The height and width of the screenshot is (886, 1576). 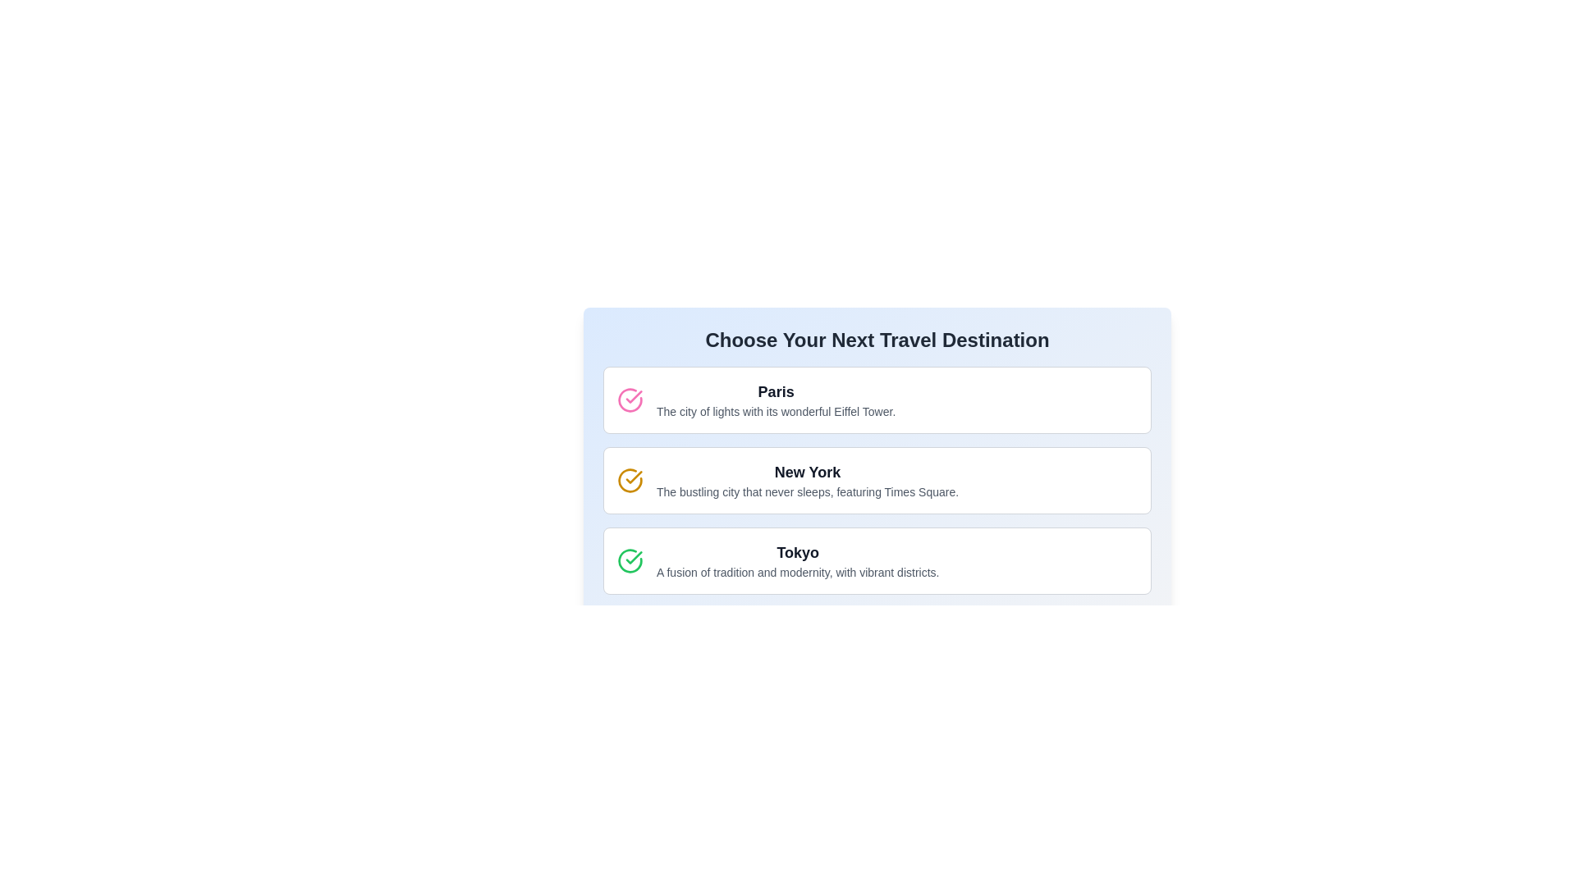 I want to click on the selectable card for New York, which is the second option in a vertical list of travel destinations, so click(x=877, y=480).